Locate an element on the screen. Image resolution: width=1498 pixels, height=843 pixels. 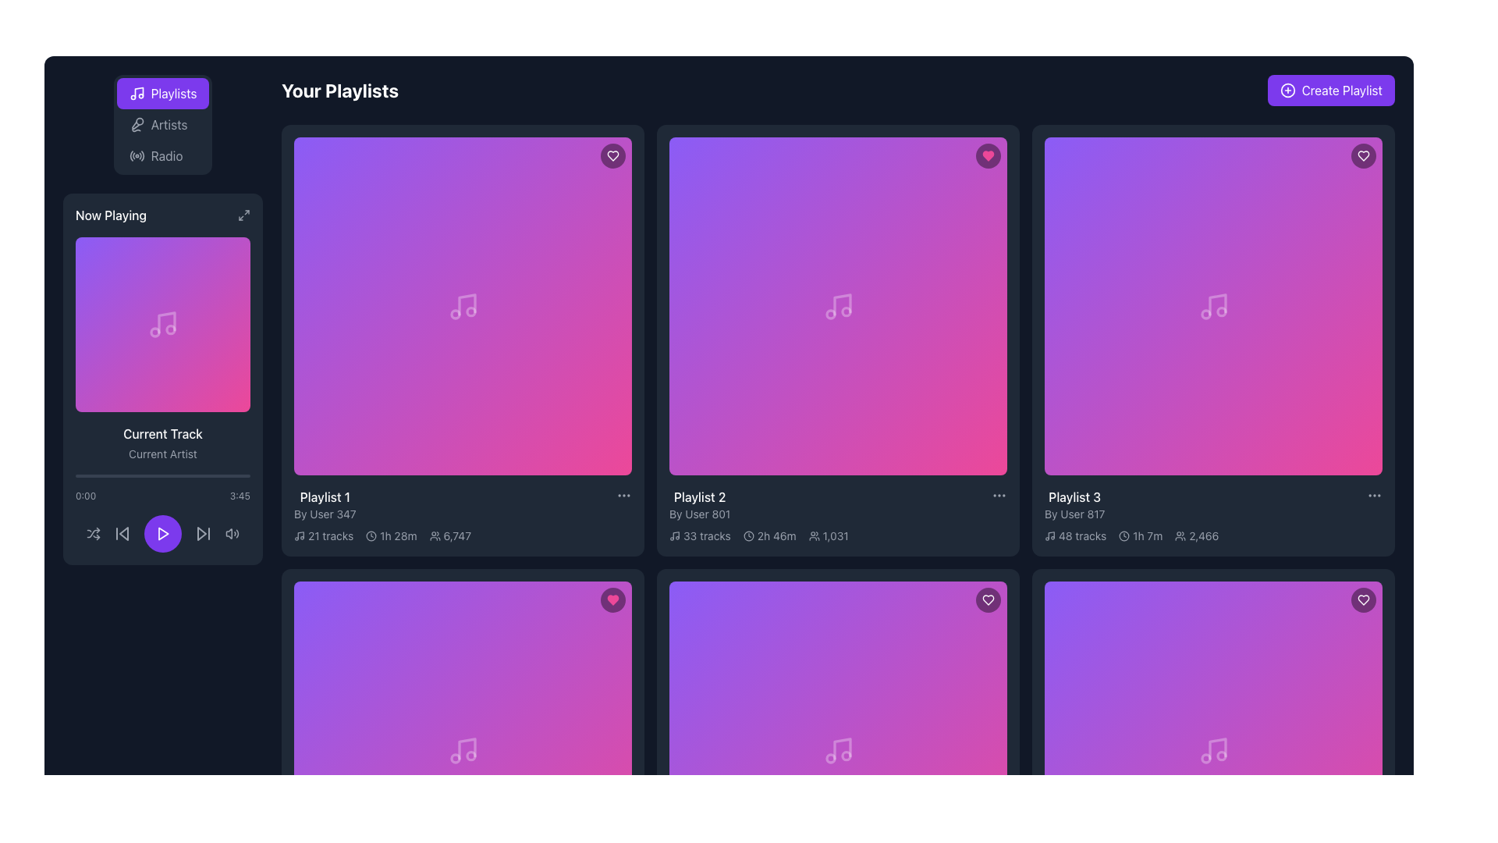
the volume control or mute/unmute toggle button located at the rightmost position of the playback icons below the 'Now Playing' area is located at coordinates (231, 532).